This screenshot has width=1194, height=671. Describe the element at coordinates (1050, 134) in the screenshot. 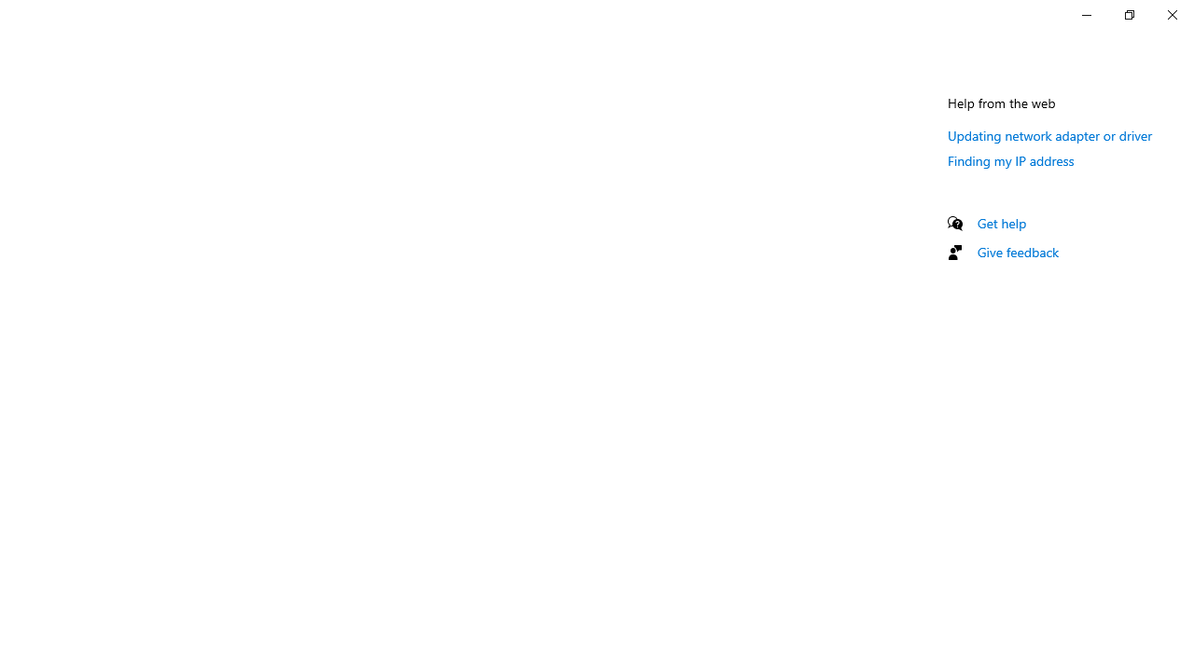

I see `'Updating network adapter or driver'` at that location.